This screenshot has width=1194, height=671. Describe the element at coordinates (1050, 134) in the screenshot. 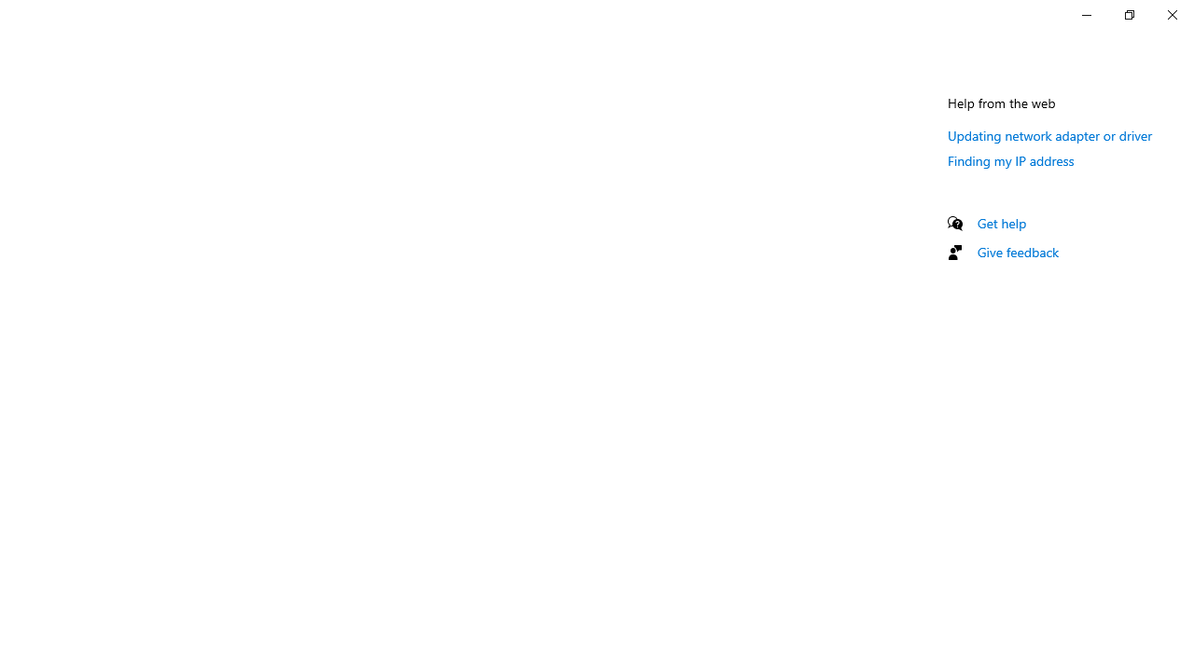

I see `'Updating network adapter or driver'` at that location.